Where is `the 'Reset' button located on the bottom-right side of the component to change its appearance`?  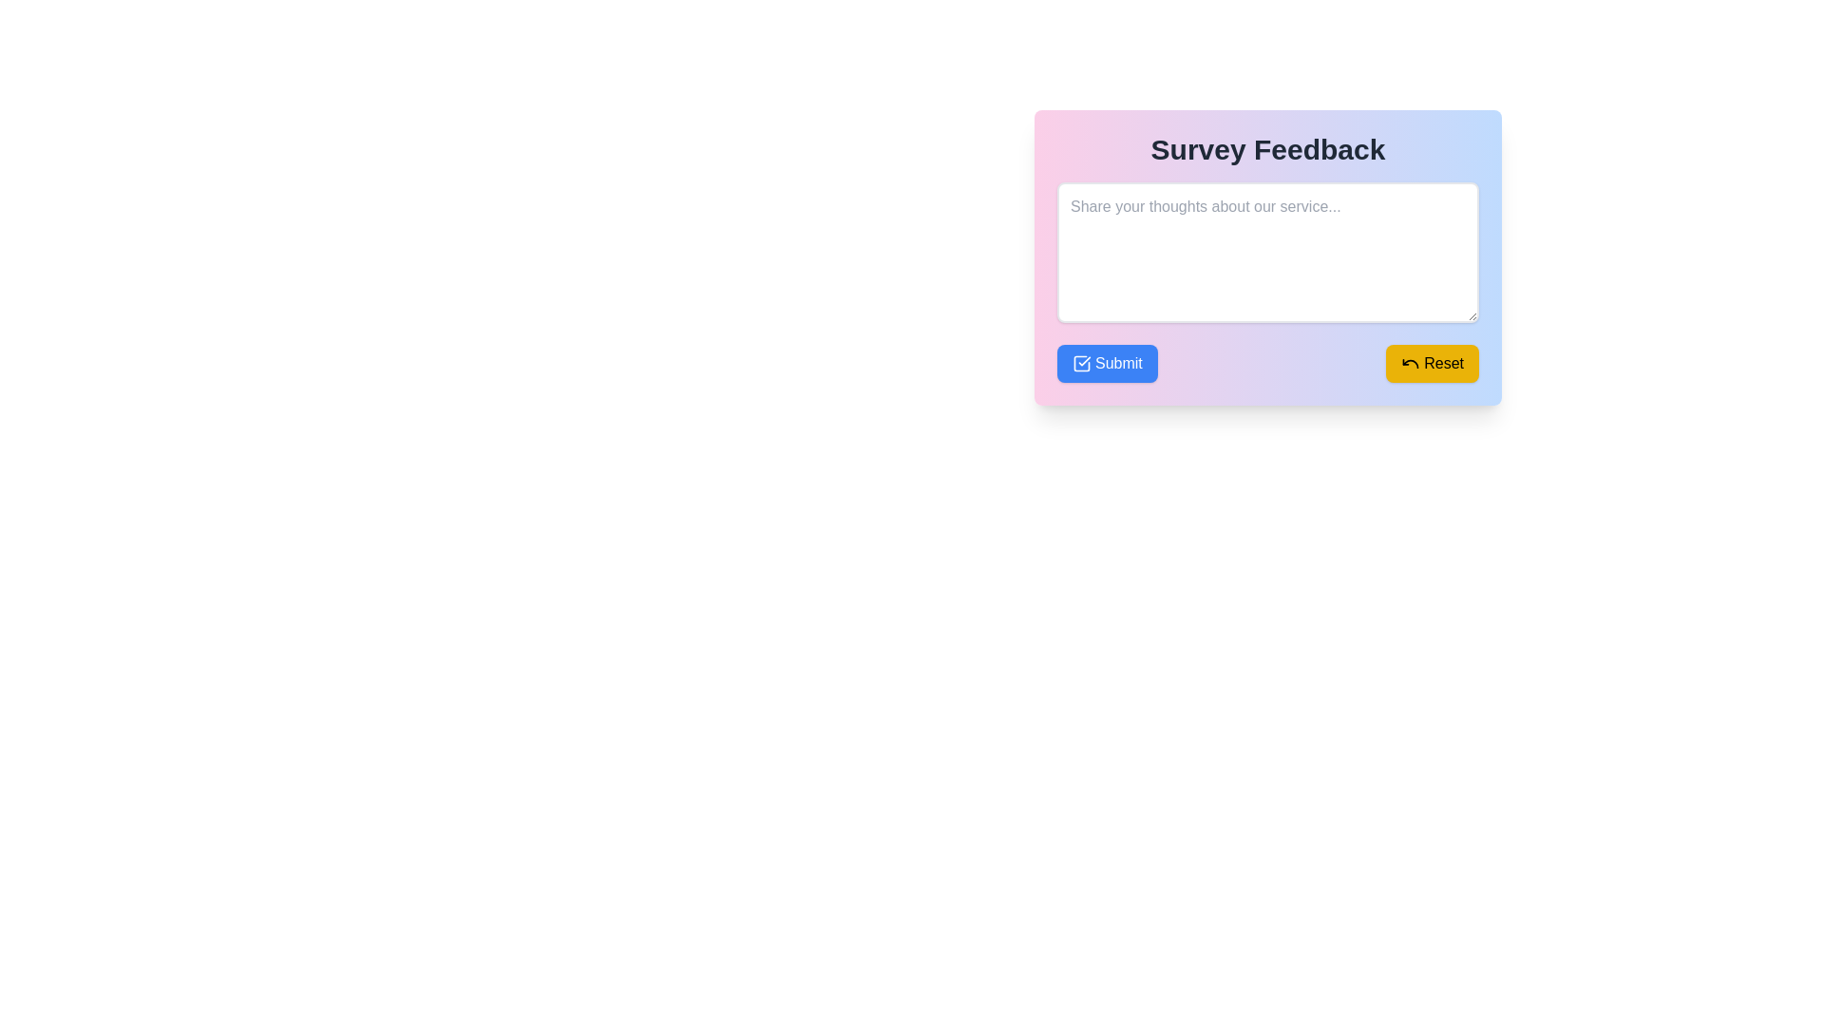
the 'Reset' button located on the bottom-right side of the component to change its appearance is located at coordinates (1433, 363).